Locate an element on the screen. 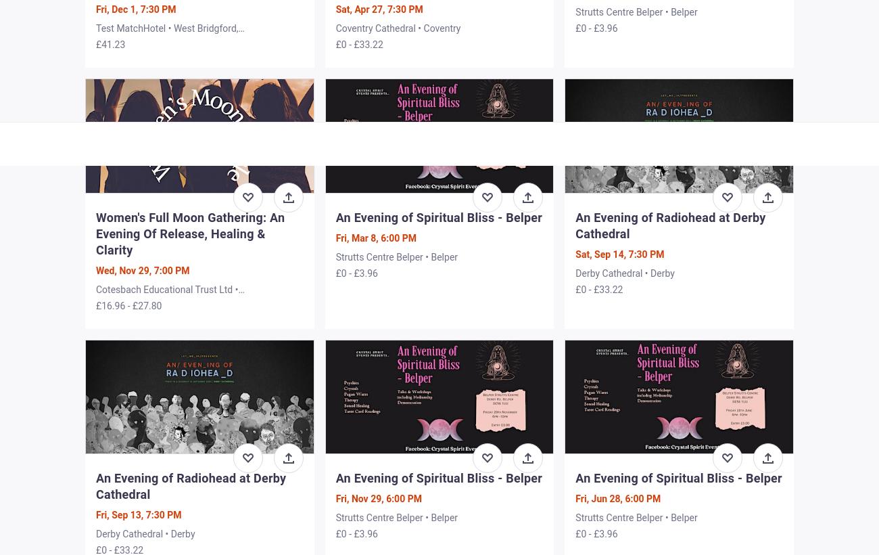 This screenshot has height=555, width=879. 'Test MatchHotel • West Bridgford, Nottingham' is located at coordinates (166, 34).